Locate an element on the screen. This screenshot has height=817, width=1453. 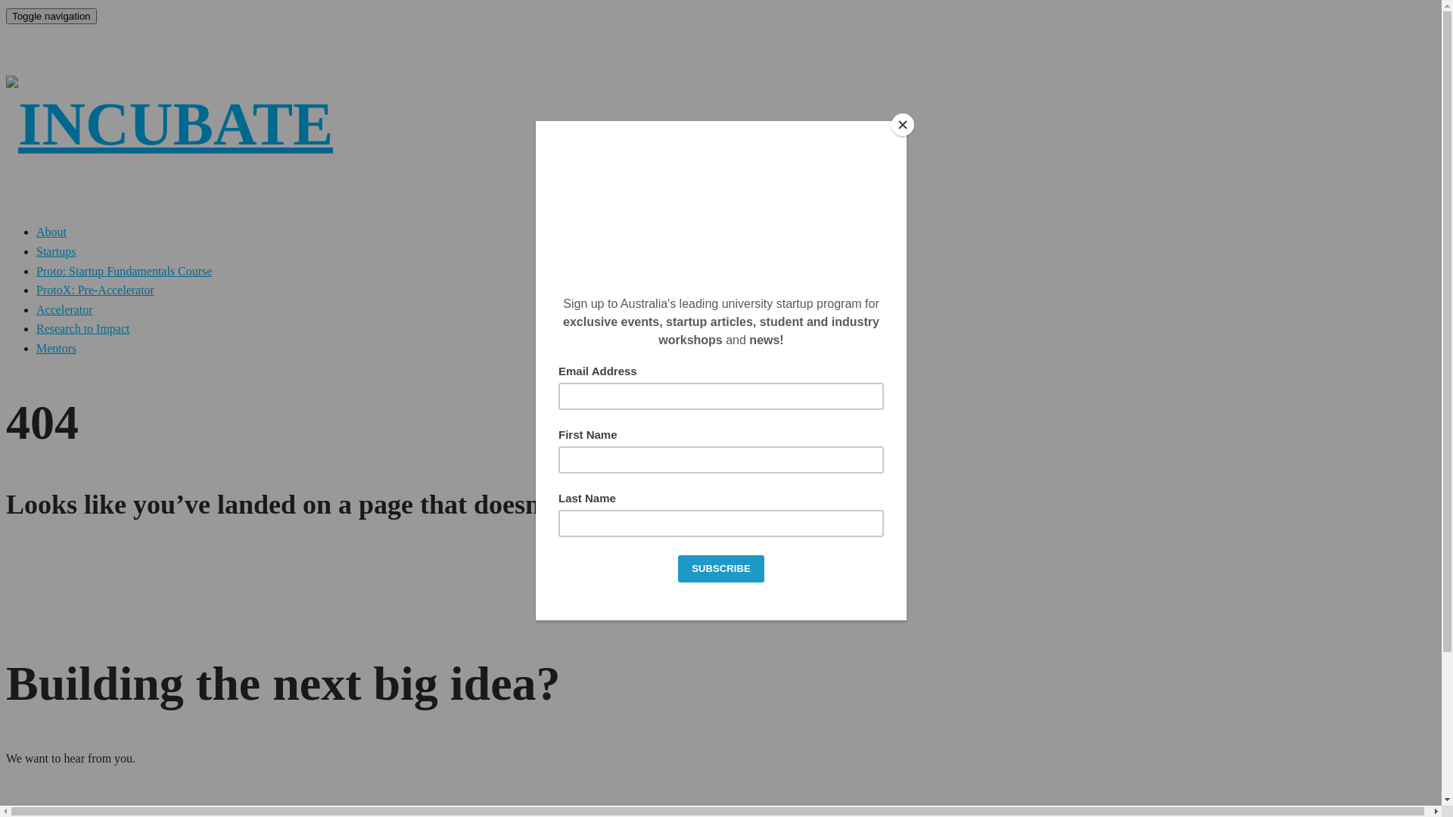
'ProtoX: Pre-Accelerator' is located at coordinates (36, 290).